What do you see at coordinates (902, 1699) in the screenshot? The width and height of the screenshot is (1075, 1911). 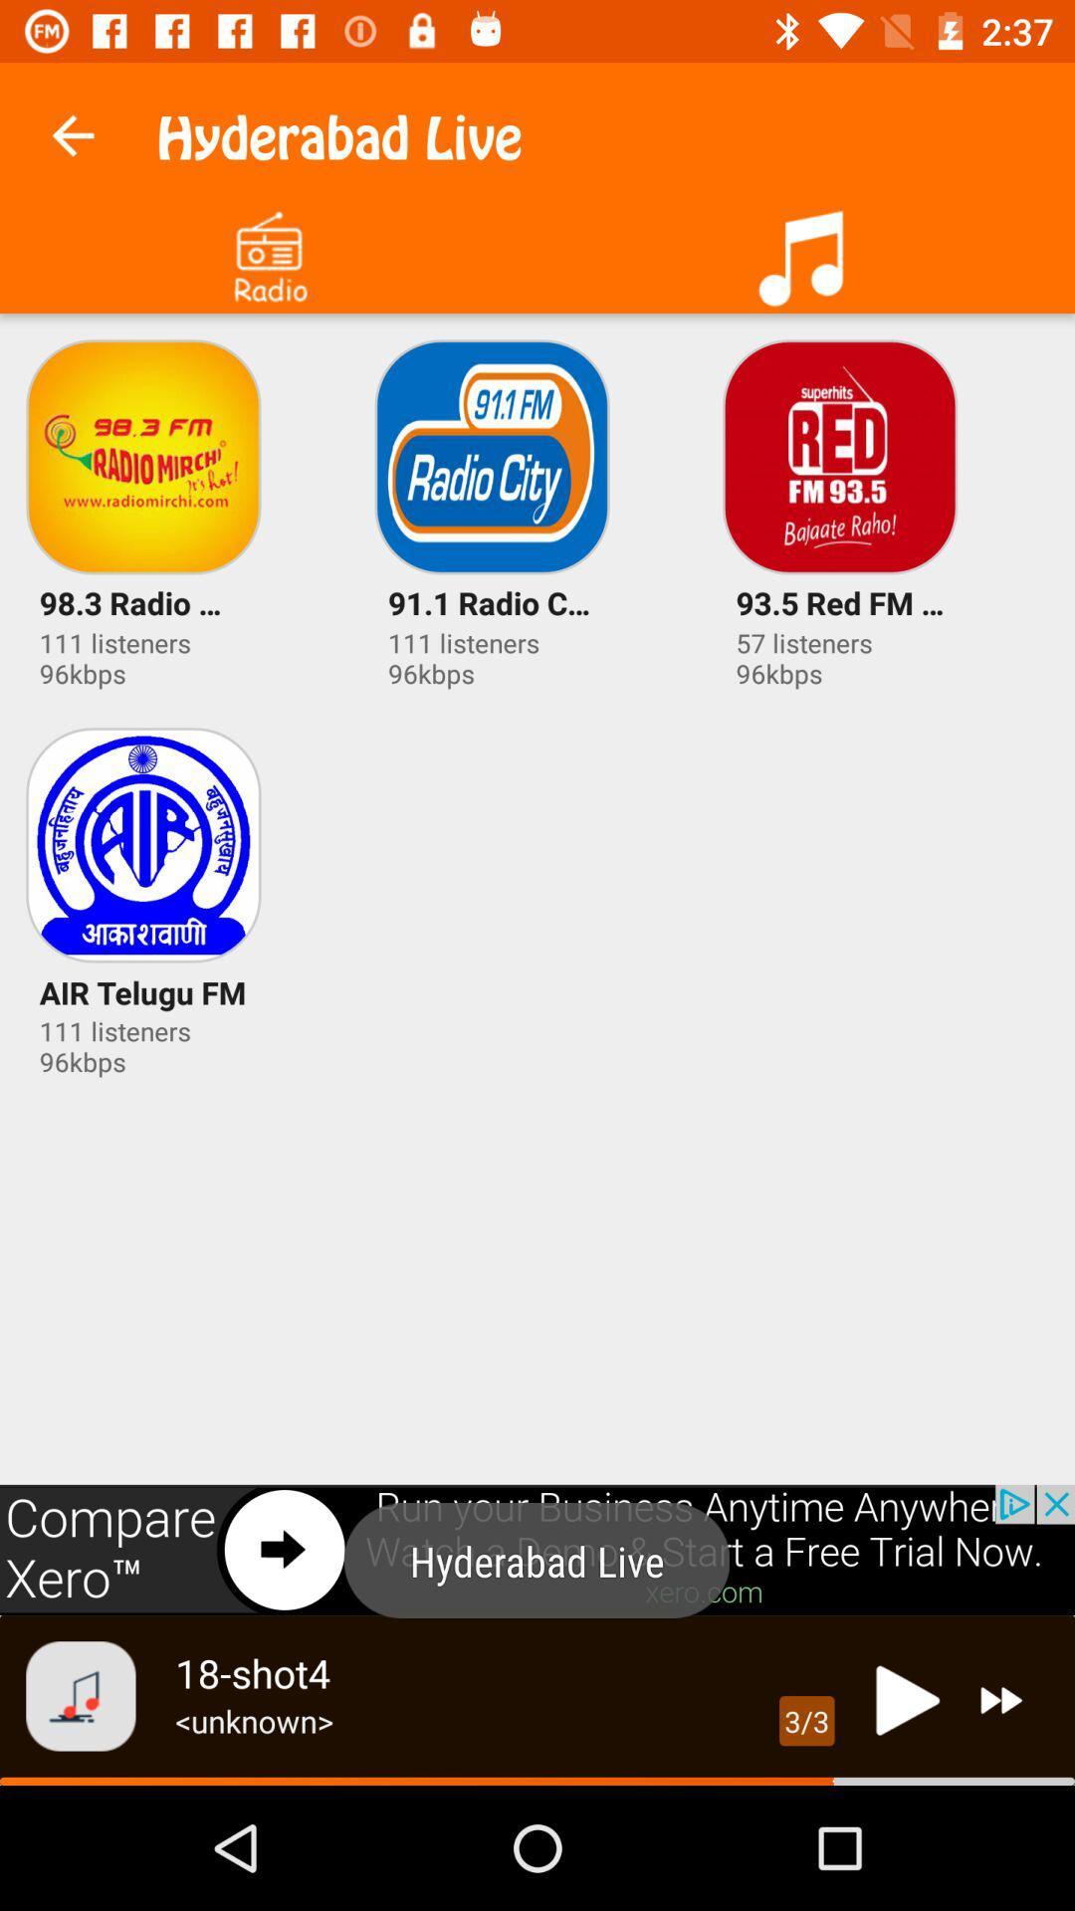 I see `the play icon` at bounding box center [902, 1699].